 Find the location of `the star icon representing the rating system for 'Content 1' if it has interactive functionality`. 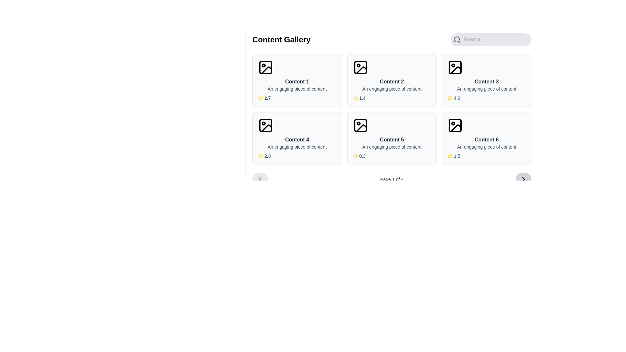

the star icon representing the rating system for 'Content 1' if it has interactive functionality is located at coordinates (260, 98).